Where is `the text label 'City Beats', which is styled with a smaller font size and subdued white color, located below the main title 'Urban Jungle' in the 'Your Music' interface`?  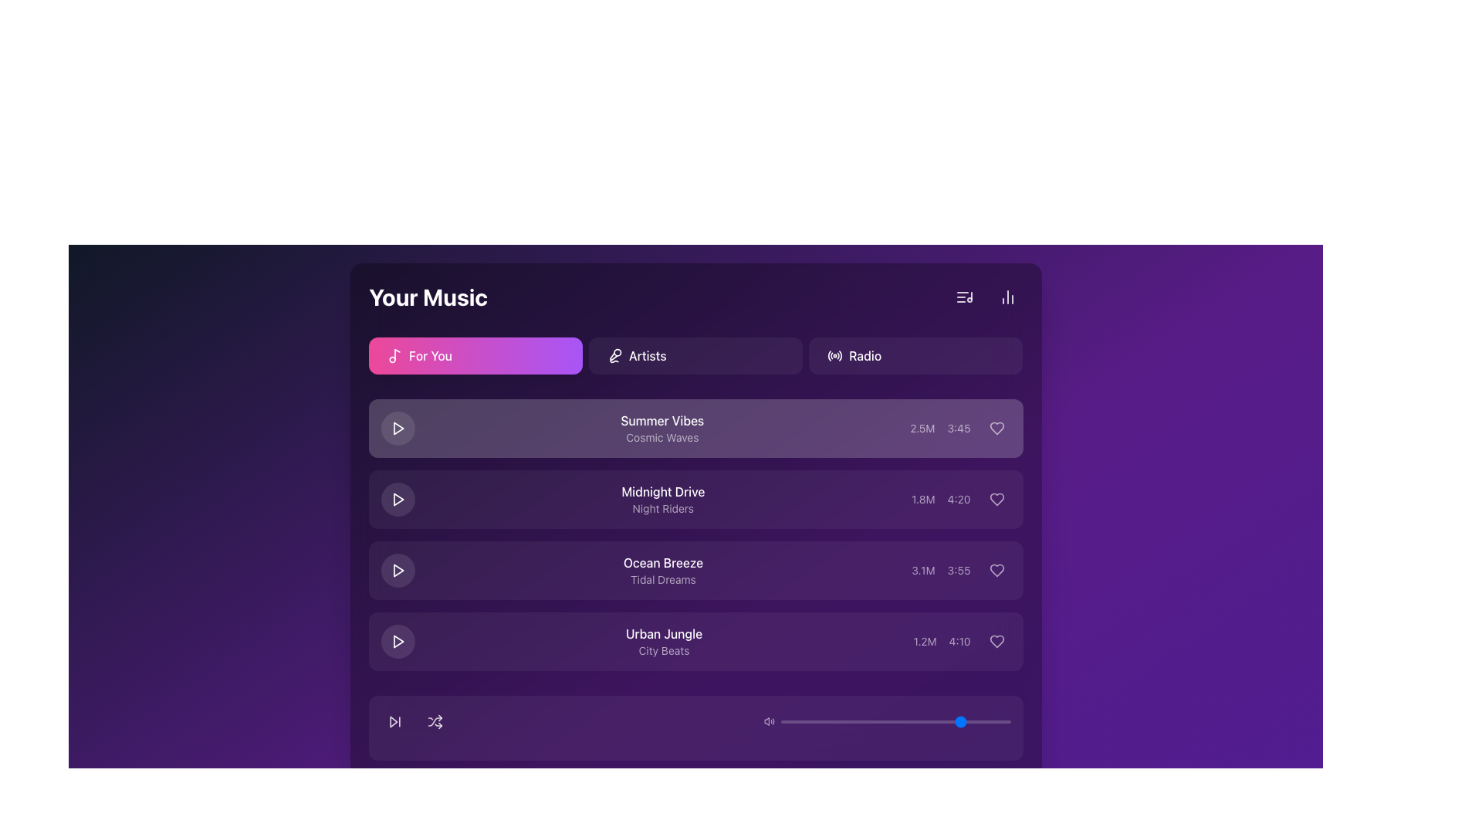 the text label 'City Beats', which is styled with a smaller font size and subdued white color, located below the main title 'Urban Jungle' in the 'Your Music' interface is located at coordinates (664, 651).